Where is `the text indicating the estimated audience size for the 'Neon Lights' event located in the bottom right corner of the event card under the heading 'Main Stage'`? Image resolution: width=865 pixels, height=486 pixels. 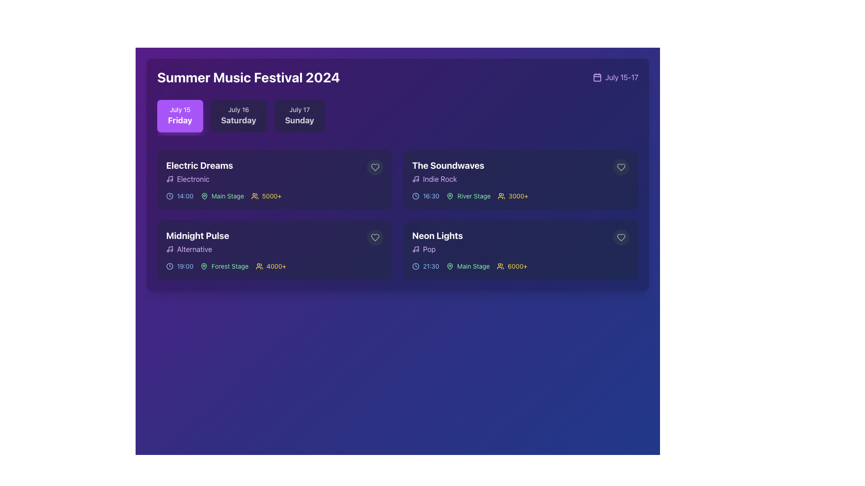
the text indicating the estimated audience size for the 'Neon Lights' event located in the bottom right corner of the event card under the heading 'Main Stage' is located at coordinates (512, 265).